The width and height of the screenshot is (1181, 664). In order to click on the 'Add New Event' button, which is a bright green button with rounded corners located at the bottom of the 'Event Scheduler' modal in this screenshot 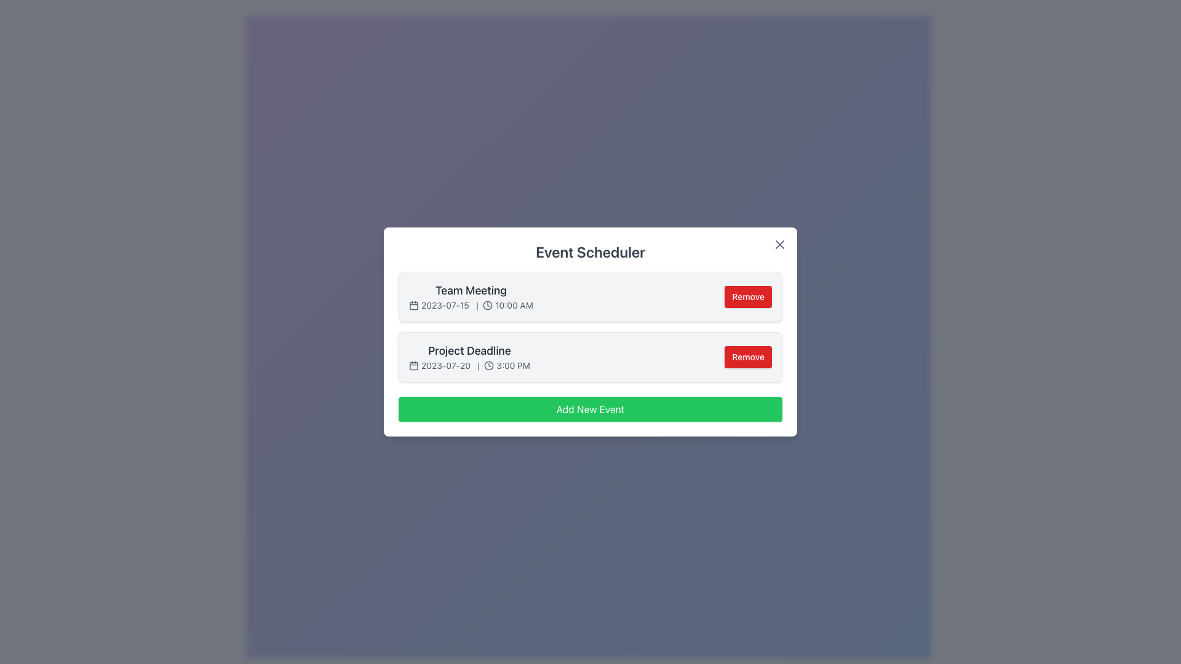, I will do `click(590, 409)`.